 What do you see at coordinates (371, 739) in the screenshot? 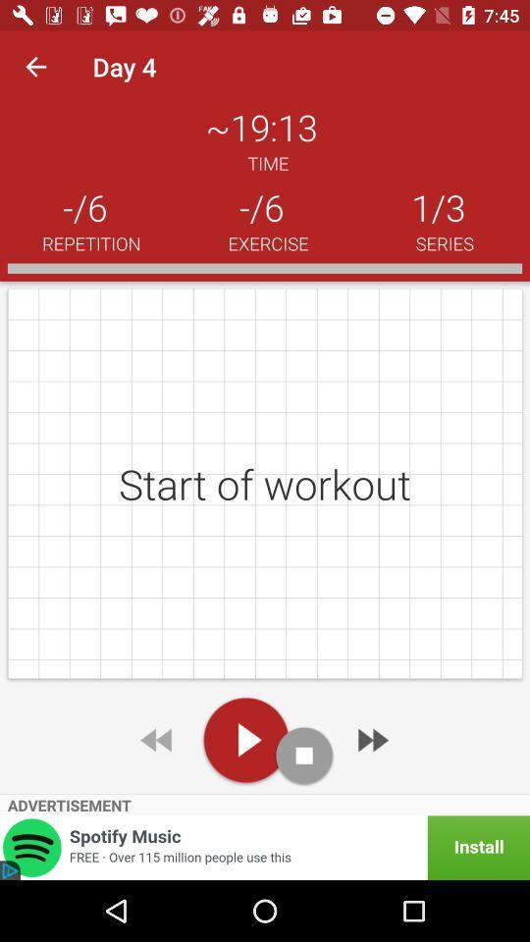
I see `next workout` at bounding box center [371, 739].